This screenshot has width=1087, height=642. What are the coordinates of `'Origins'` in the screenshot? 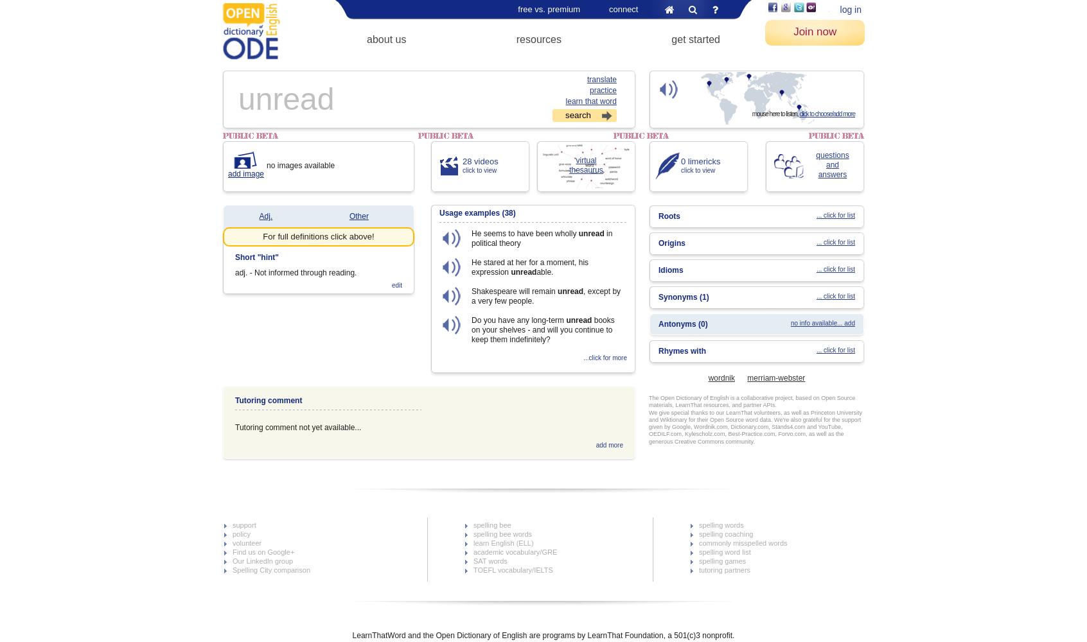 It's located at (671, 243).